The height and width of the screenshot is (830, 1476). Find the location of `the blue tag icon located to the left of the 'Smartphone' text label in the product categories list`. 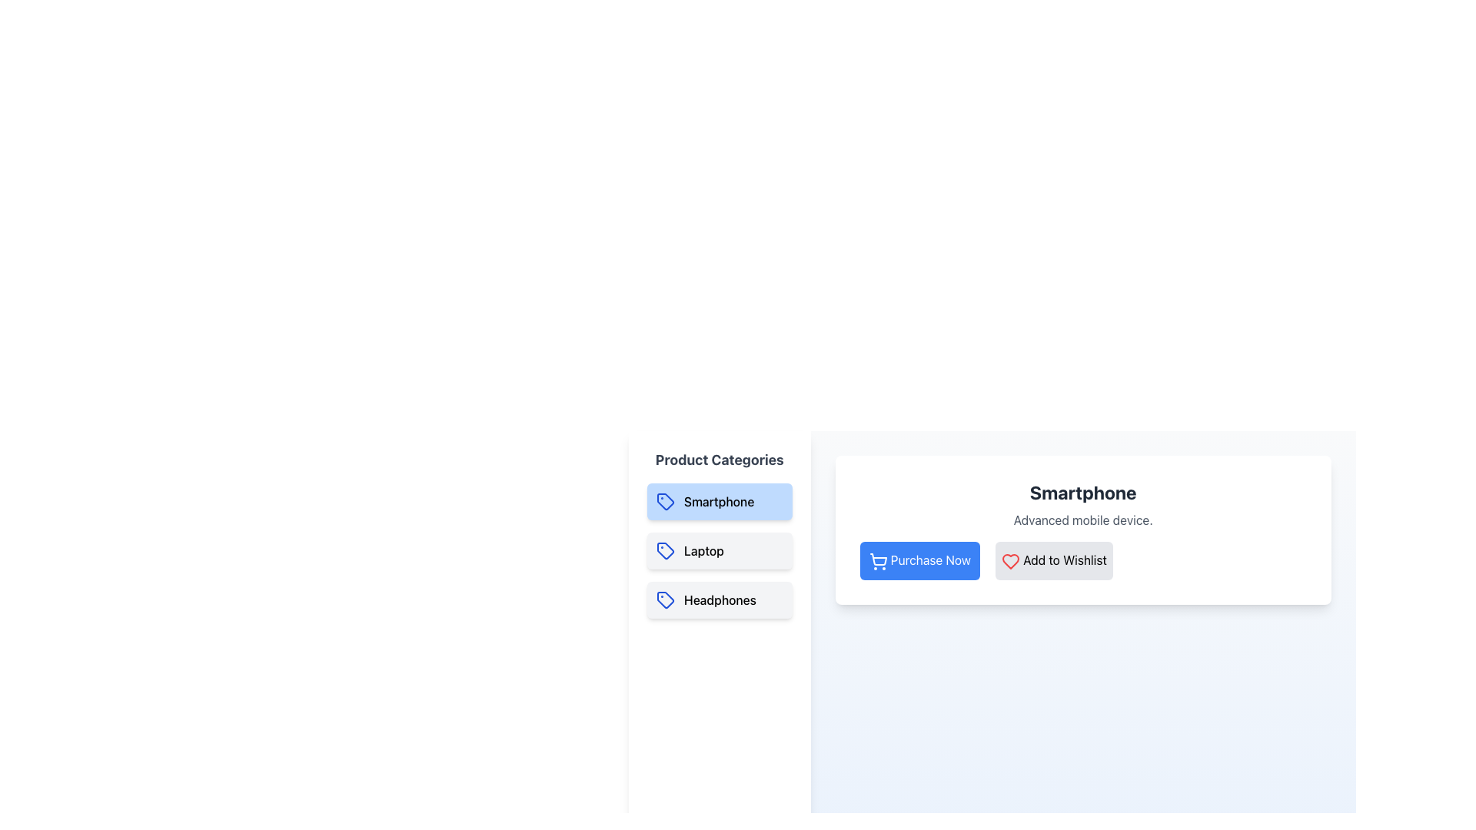

the blue tag icon located to the left of the 'Smartphone' text label in the product categories list is located at coordinates (665, 501).